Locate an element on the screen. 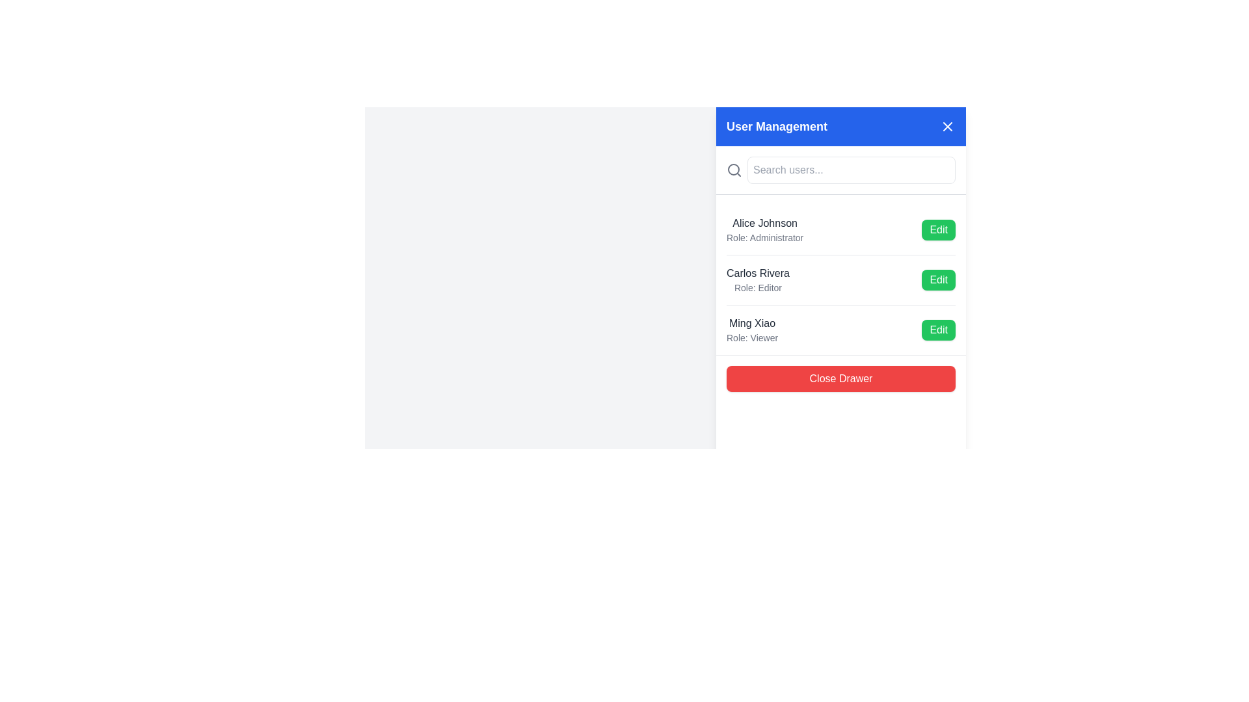 Image resolution: width=1249 pixels, height=702 pixels. the text snippet labeled 'Role: Administrator', which is styled in gray and positioned below 'Alice Johnson' in the user management section is located at coordinates (765, 238).